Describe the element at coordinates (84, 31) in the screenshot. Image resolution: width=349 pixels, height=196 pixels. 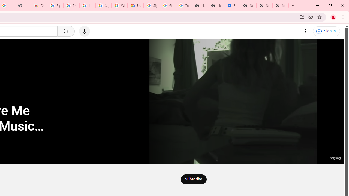
I see `'Search with your voice'` at that location.